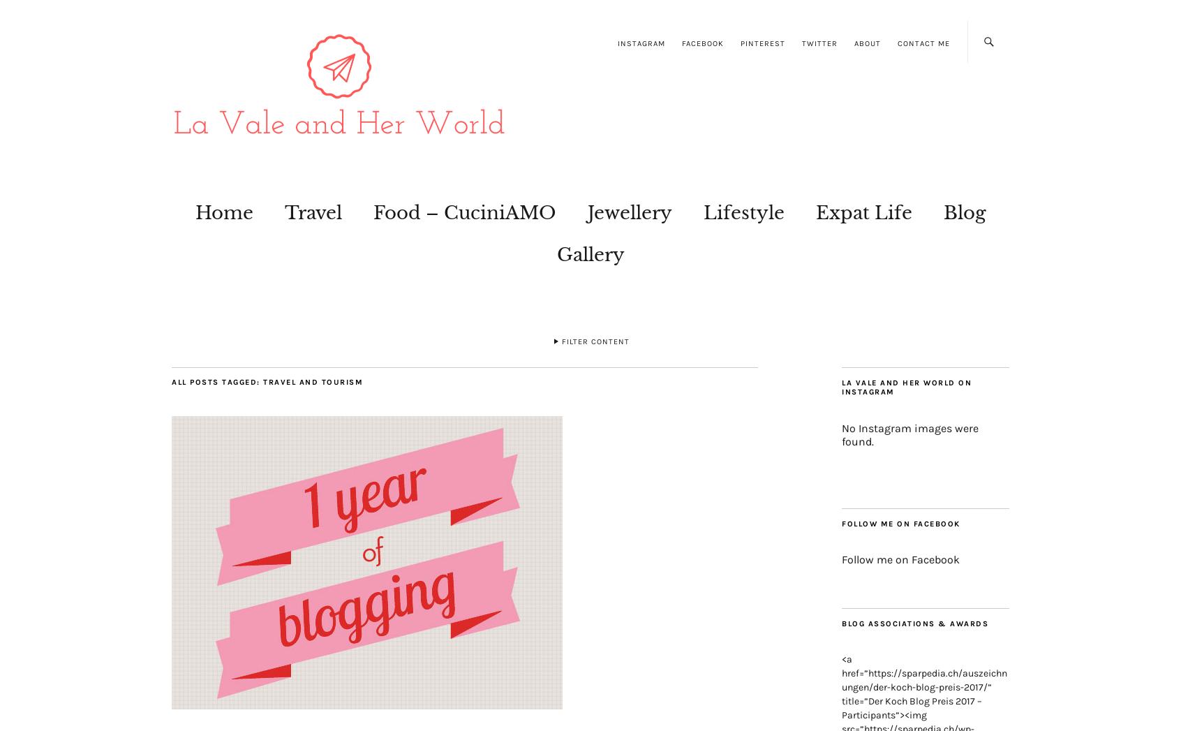 This screenshot has width=1181, height=731. I want to click on 'Travel', so click(312, 212).